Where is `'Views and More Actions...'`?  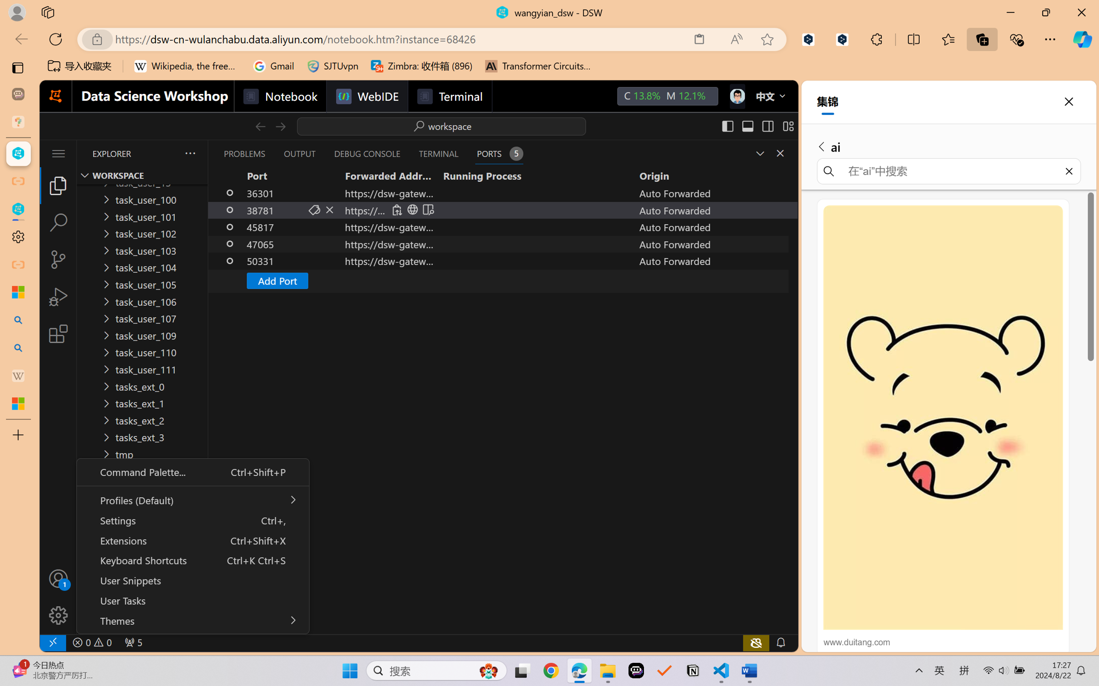 'Views and More Actions...' is located at coordinates (189, 153).